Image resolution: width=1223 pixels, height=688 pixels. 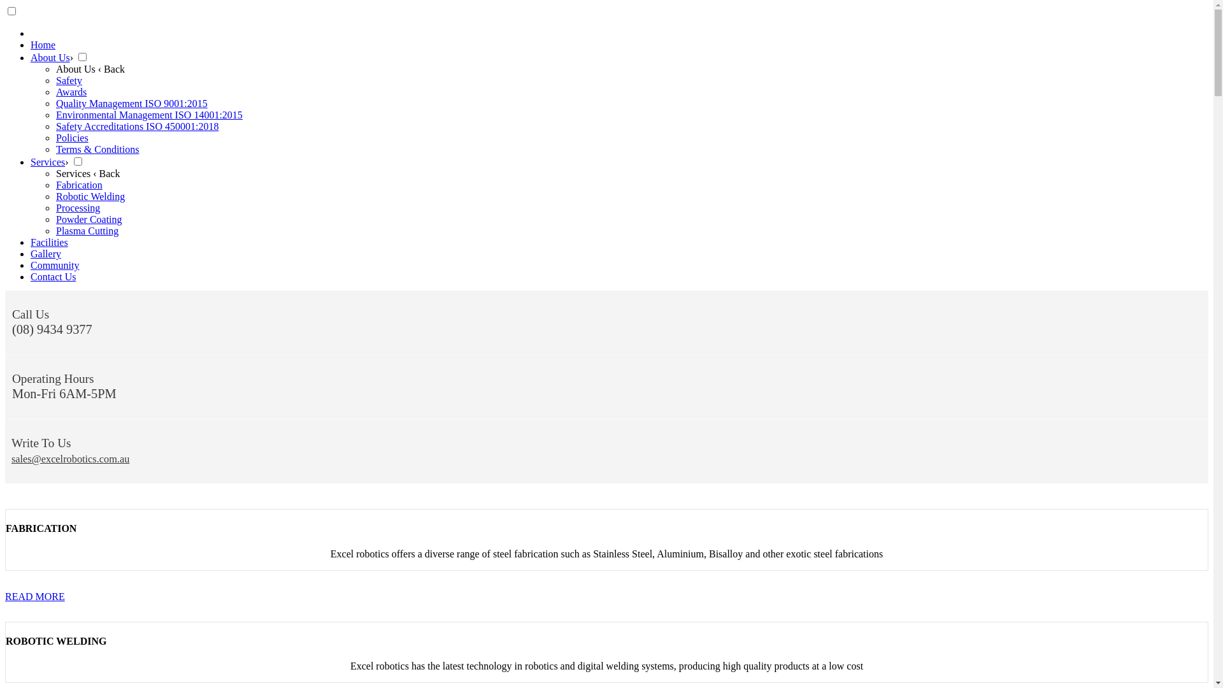 What do you see at coordinates (31, 276) in the screenshot?
I see `'Contact Us'` at bounding box center [31, 276].